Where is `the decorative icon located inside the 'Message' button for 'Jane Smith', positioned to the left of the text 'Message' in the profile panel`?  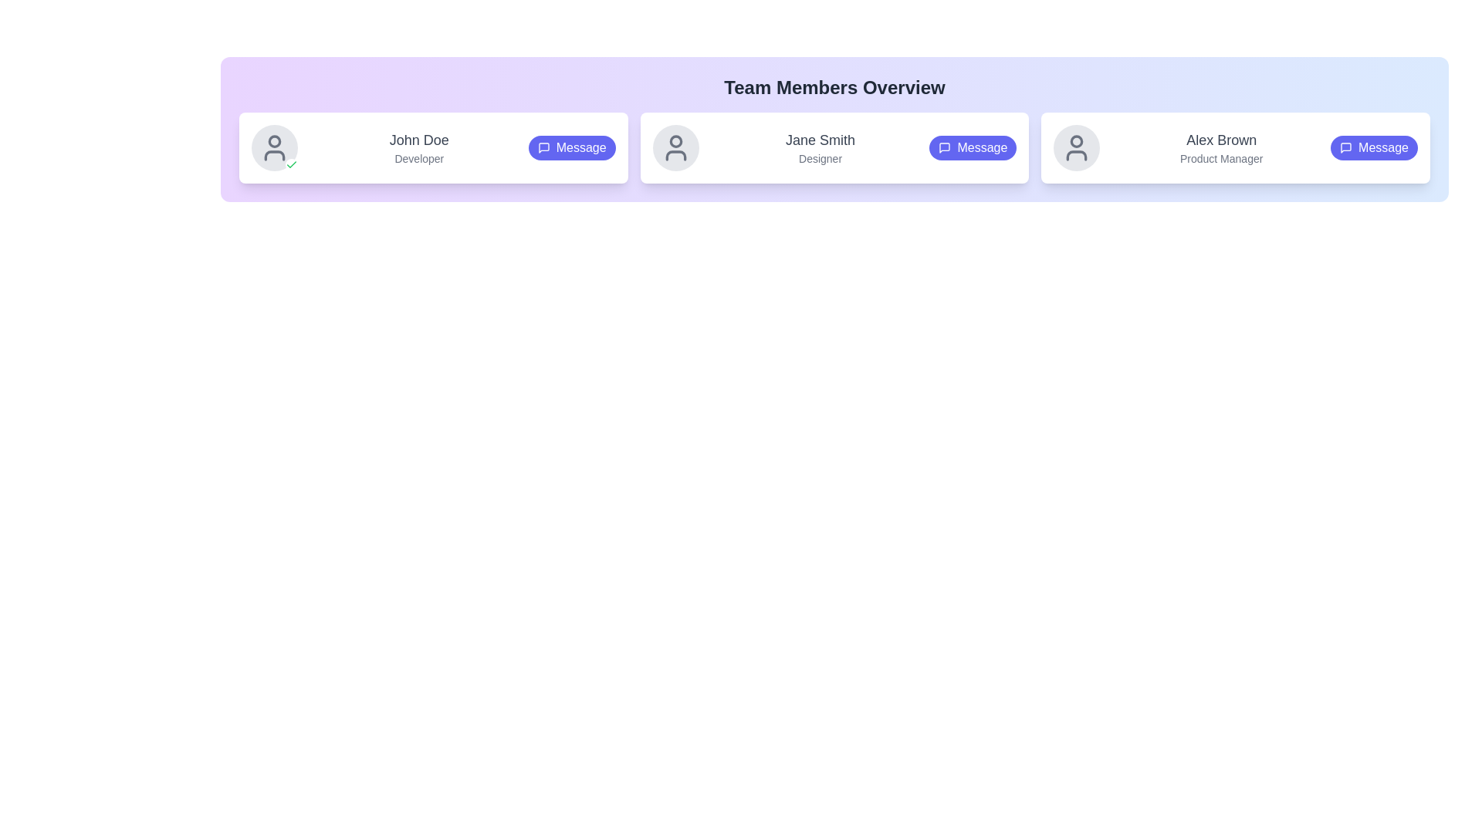 the decorative icon located inside the 'Message' button for 'Jane Smith', positioned to the left of the text 'Message' in the profile panel is located at coordinates (944, 148).